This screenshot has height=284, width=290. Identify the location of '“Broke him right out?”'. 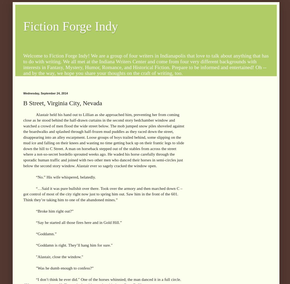
(36, 211).